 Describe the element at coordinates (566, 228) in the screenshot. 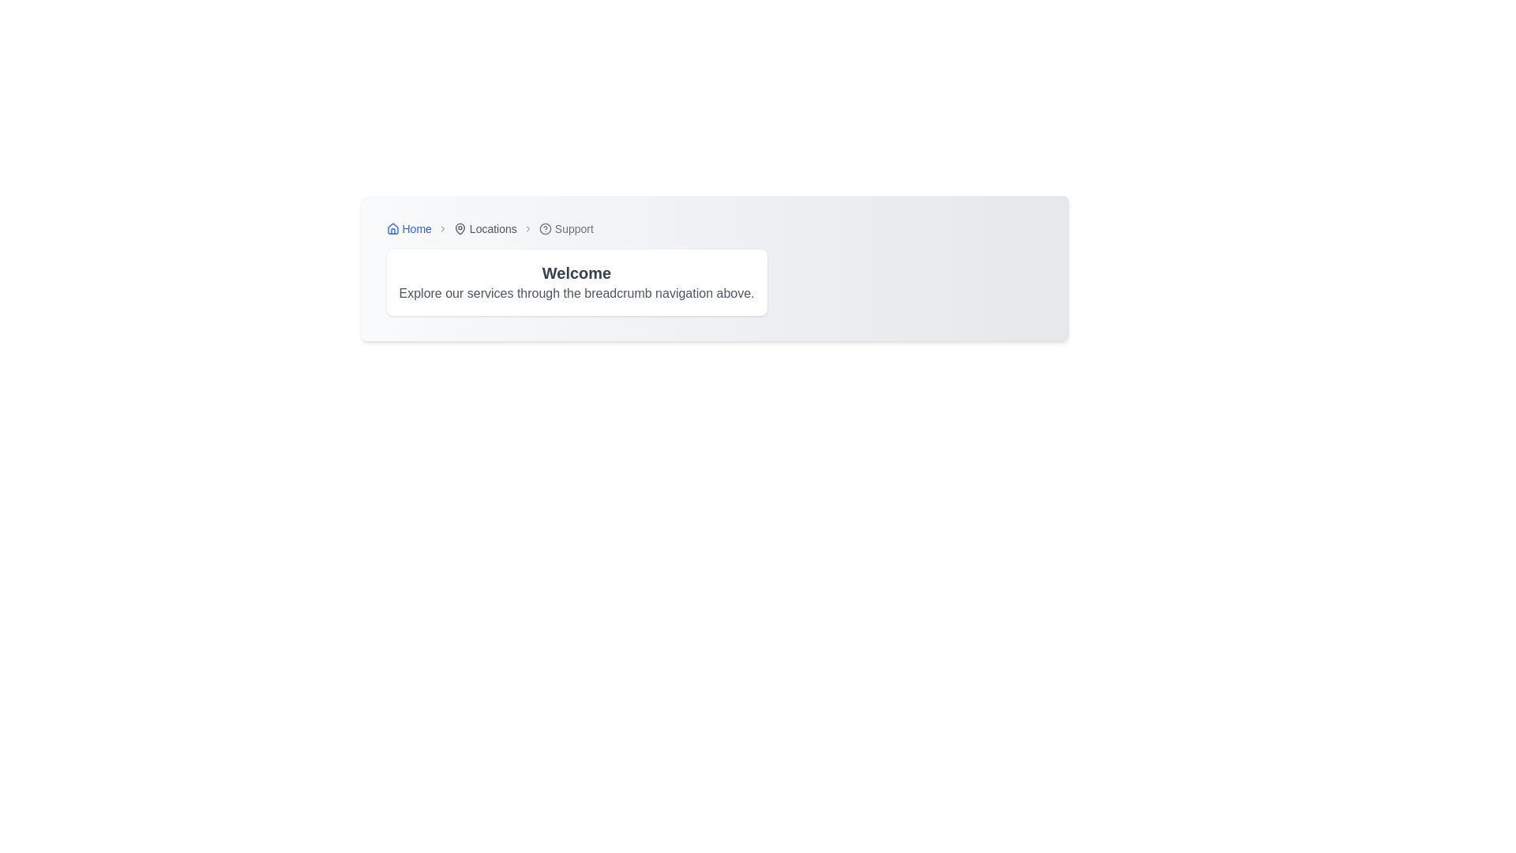

I see `the 'Support' breadcrumb navigation item, which is styled in gray and features a question mark icon adjacent to it` at that location.